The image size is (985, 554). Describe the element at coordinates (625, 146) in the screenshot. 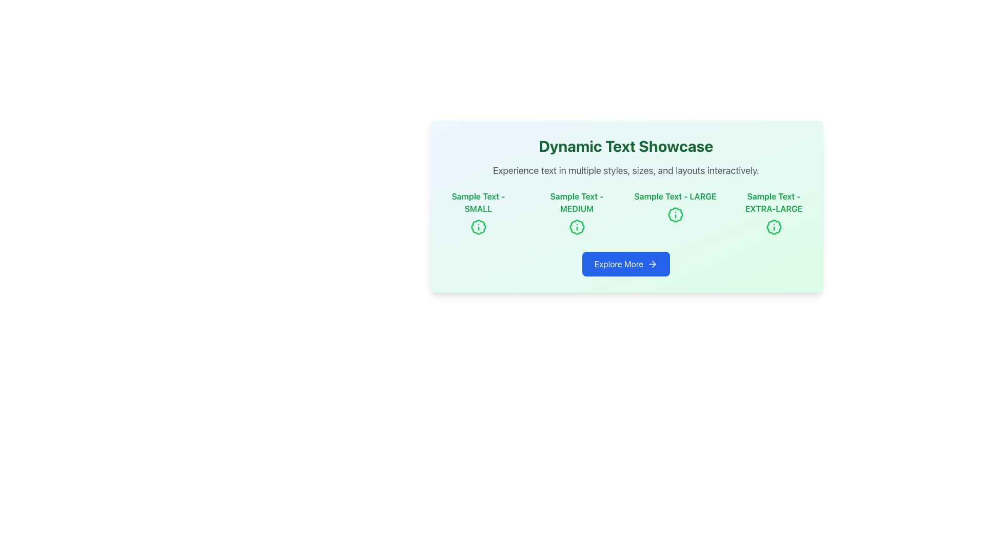

I see `the title text located at the top of the green-shaded rectangular section, which introduces the purpose or theme of the content` at that location.